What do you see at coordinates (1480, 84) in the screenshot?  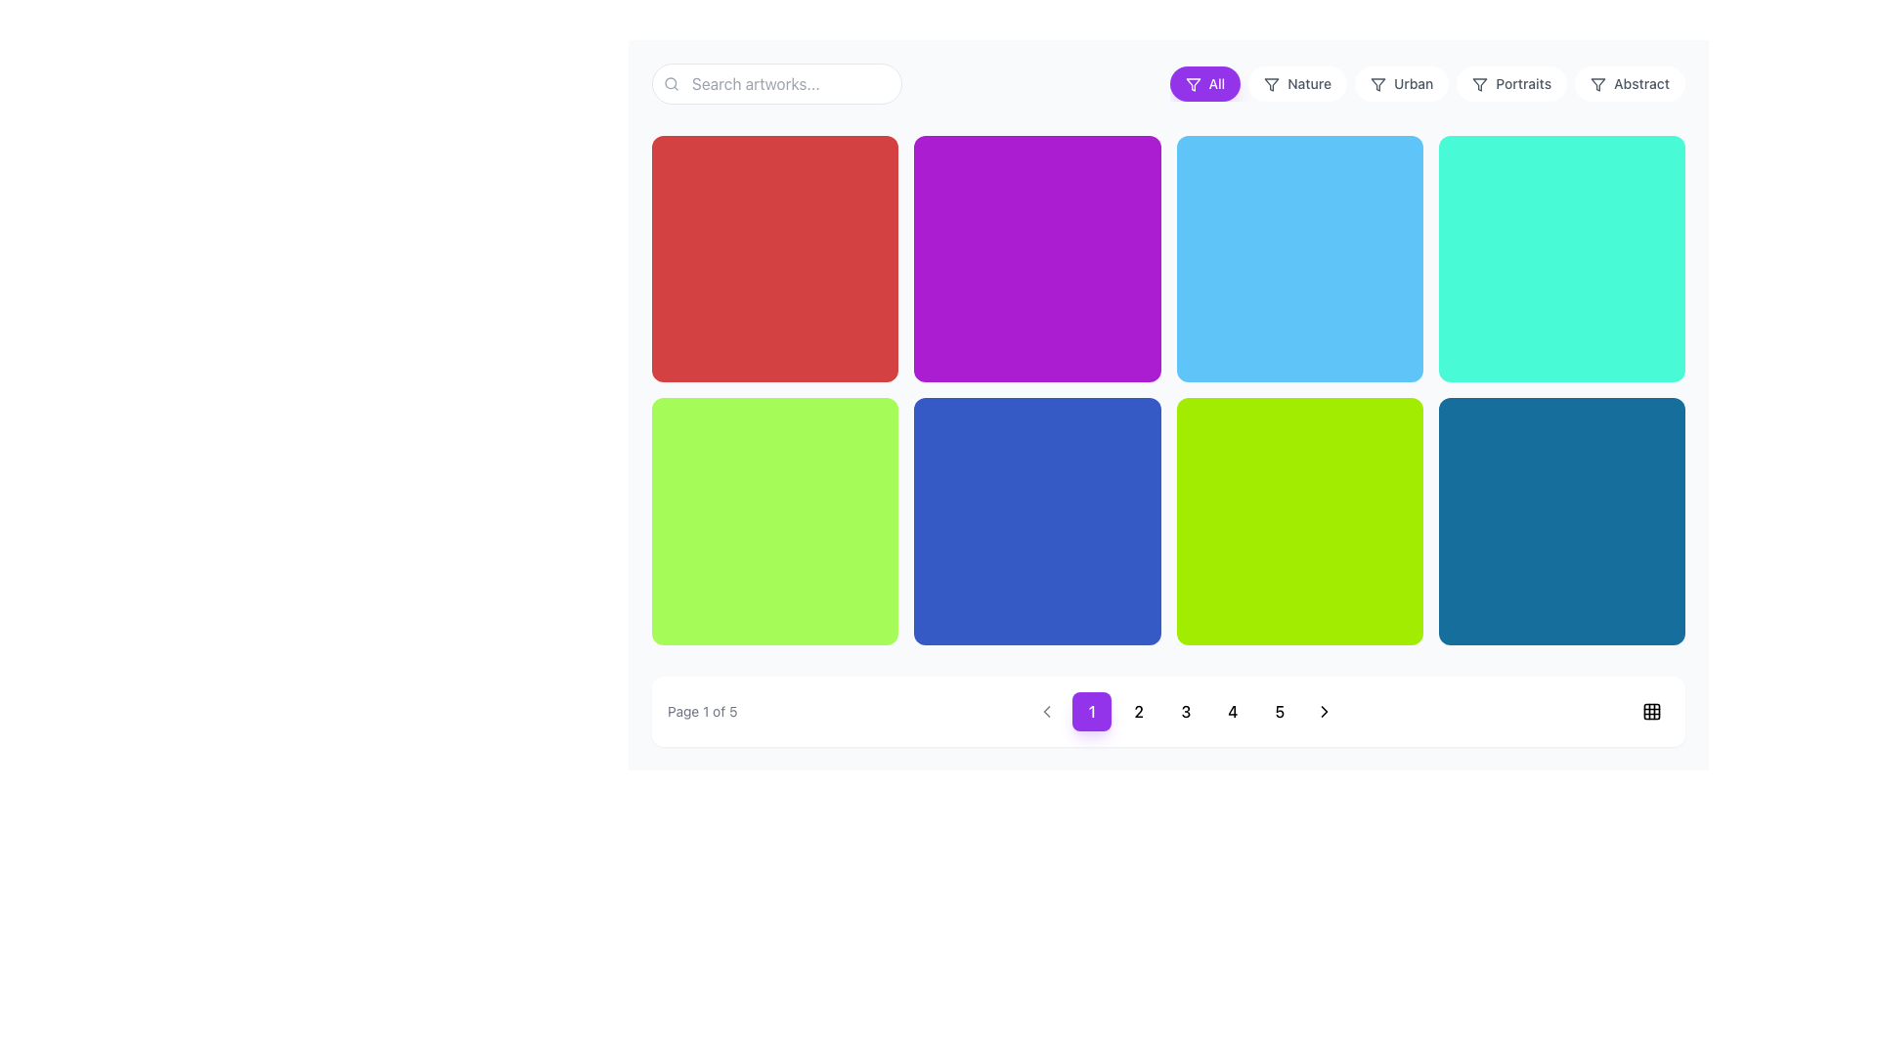 I see `the filter icon` at bounding box center [1480, 84].